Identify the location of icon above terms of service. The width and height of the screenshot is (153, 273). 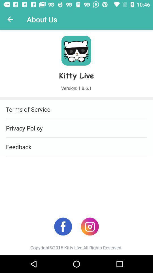
(10, 19).